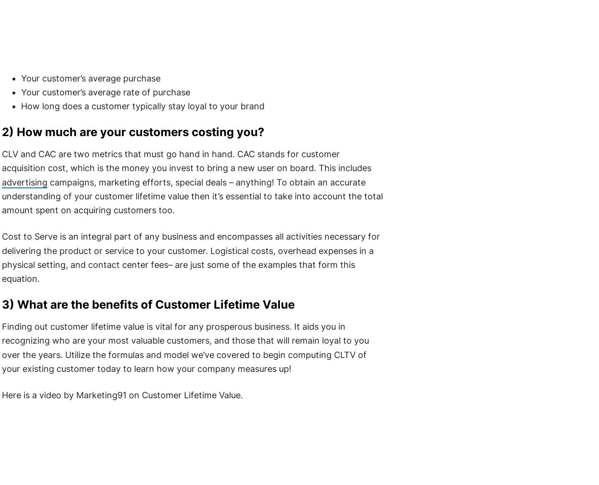  I want to click on 'CLV and CAC are two metrics that must go hand in hand. CAC stands for customer acquisition cost, which is the money you invest to bring a new user on board. This includes', so click(186, 160).